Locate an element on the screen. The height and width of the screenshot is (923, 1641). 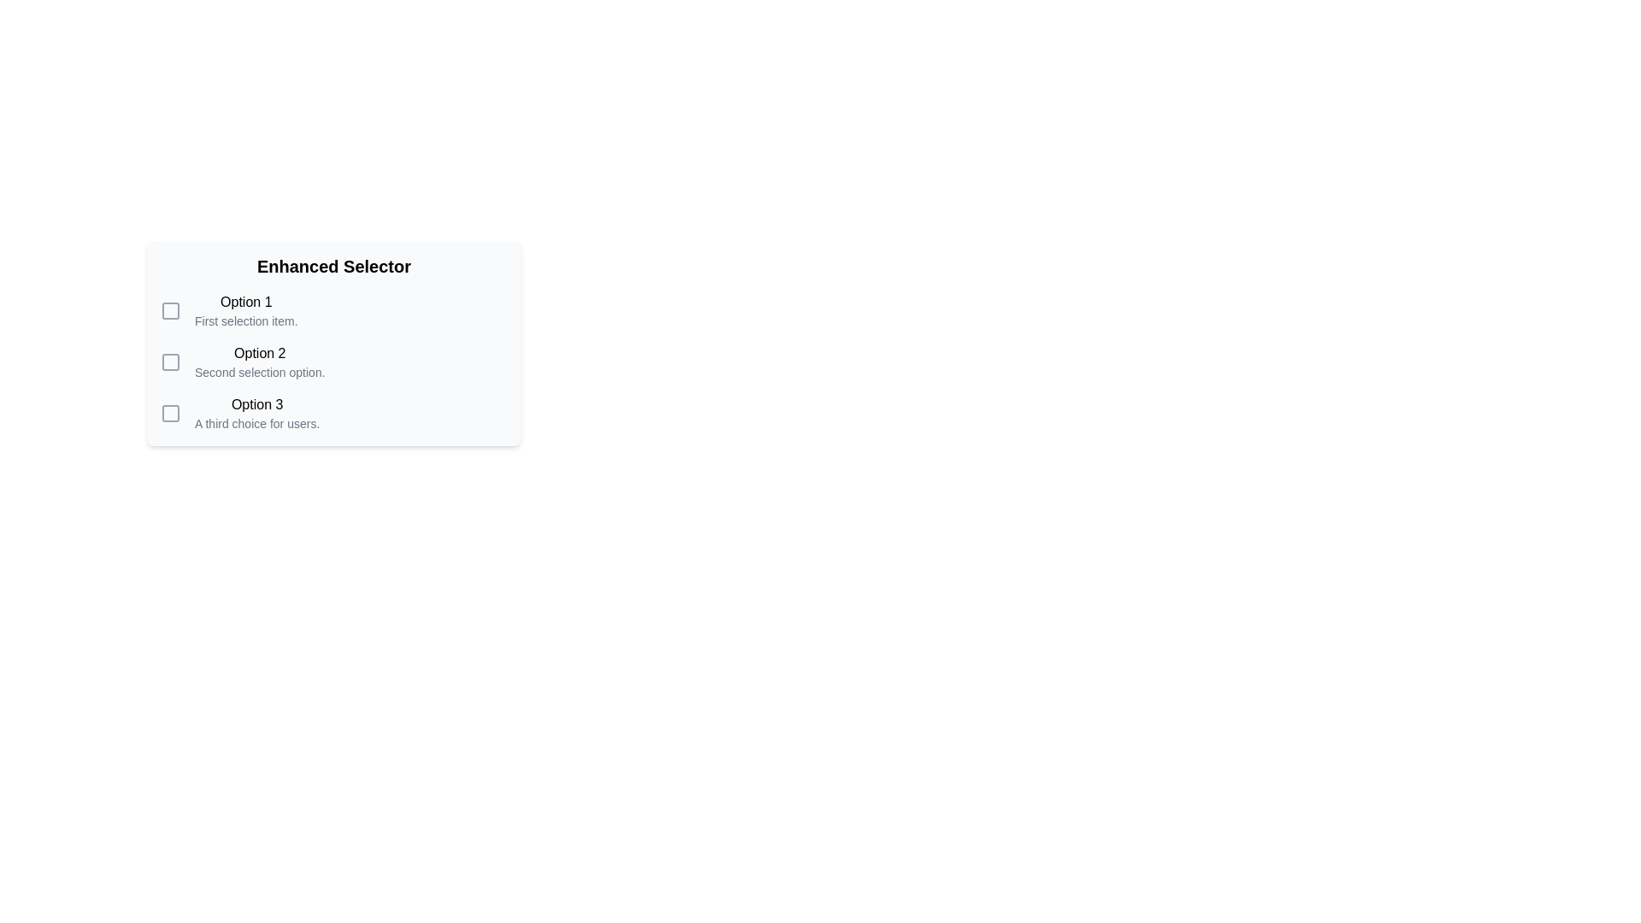
the visual marker or icon that indicates the current state of the third option is located at coordinates (171, 413).